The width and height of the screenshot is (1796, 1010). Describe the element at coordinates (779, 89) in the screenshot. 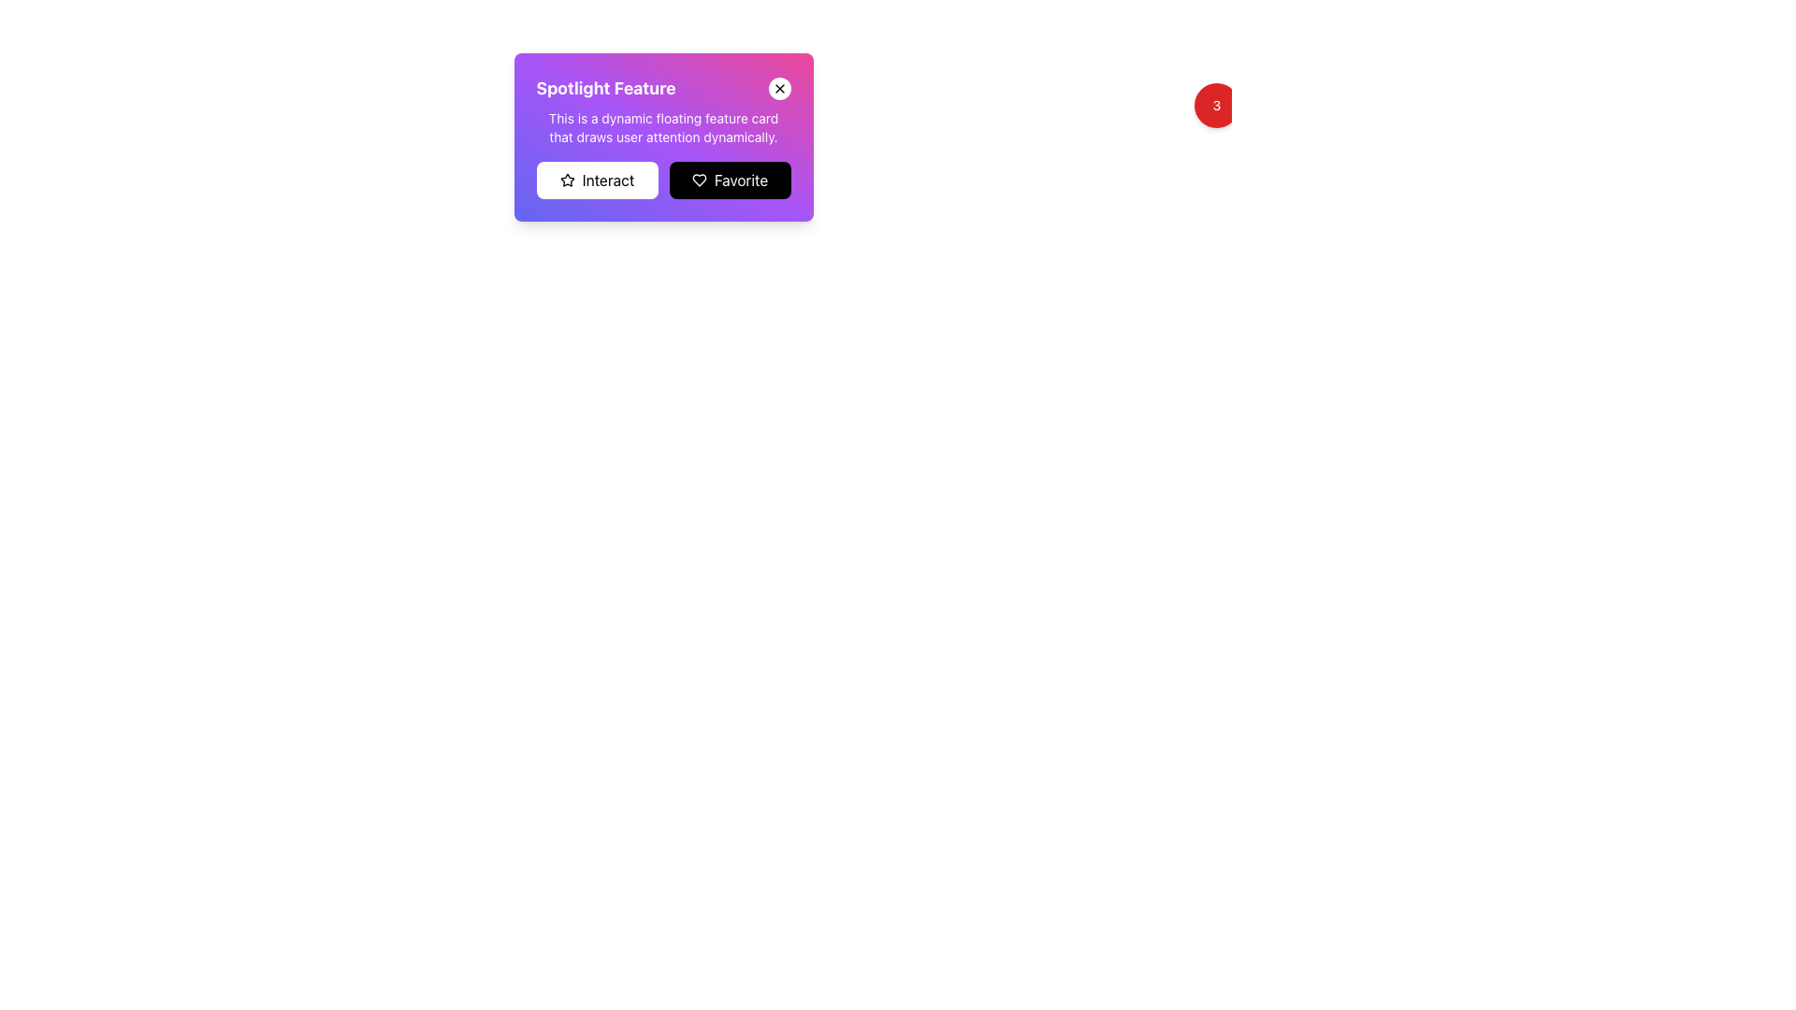

I see `the Close icon located in the top-right corner of the 'Spotlight Feature' card` at that location.